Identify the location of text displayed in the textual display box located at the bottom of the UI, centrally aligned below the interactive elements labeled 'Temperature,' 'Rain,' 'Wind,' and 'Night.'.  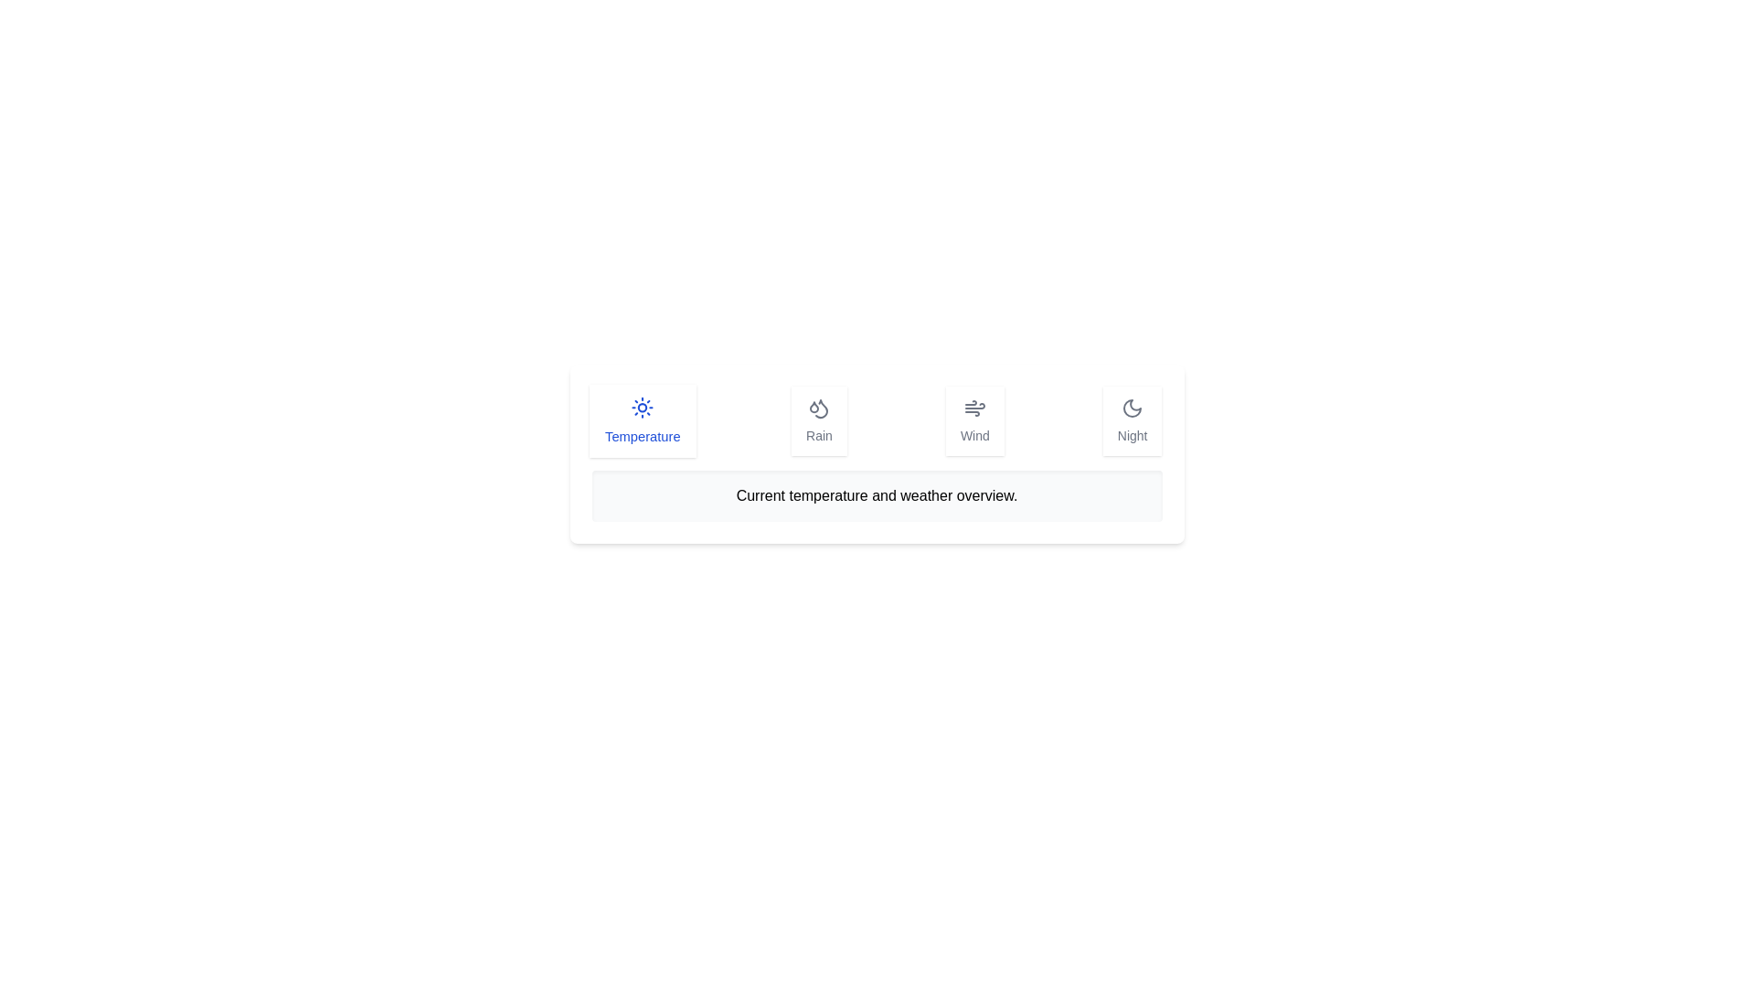
(876, 496).